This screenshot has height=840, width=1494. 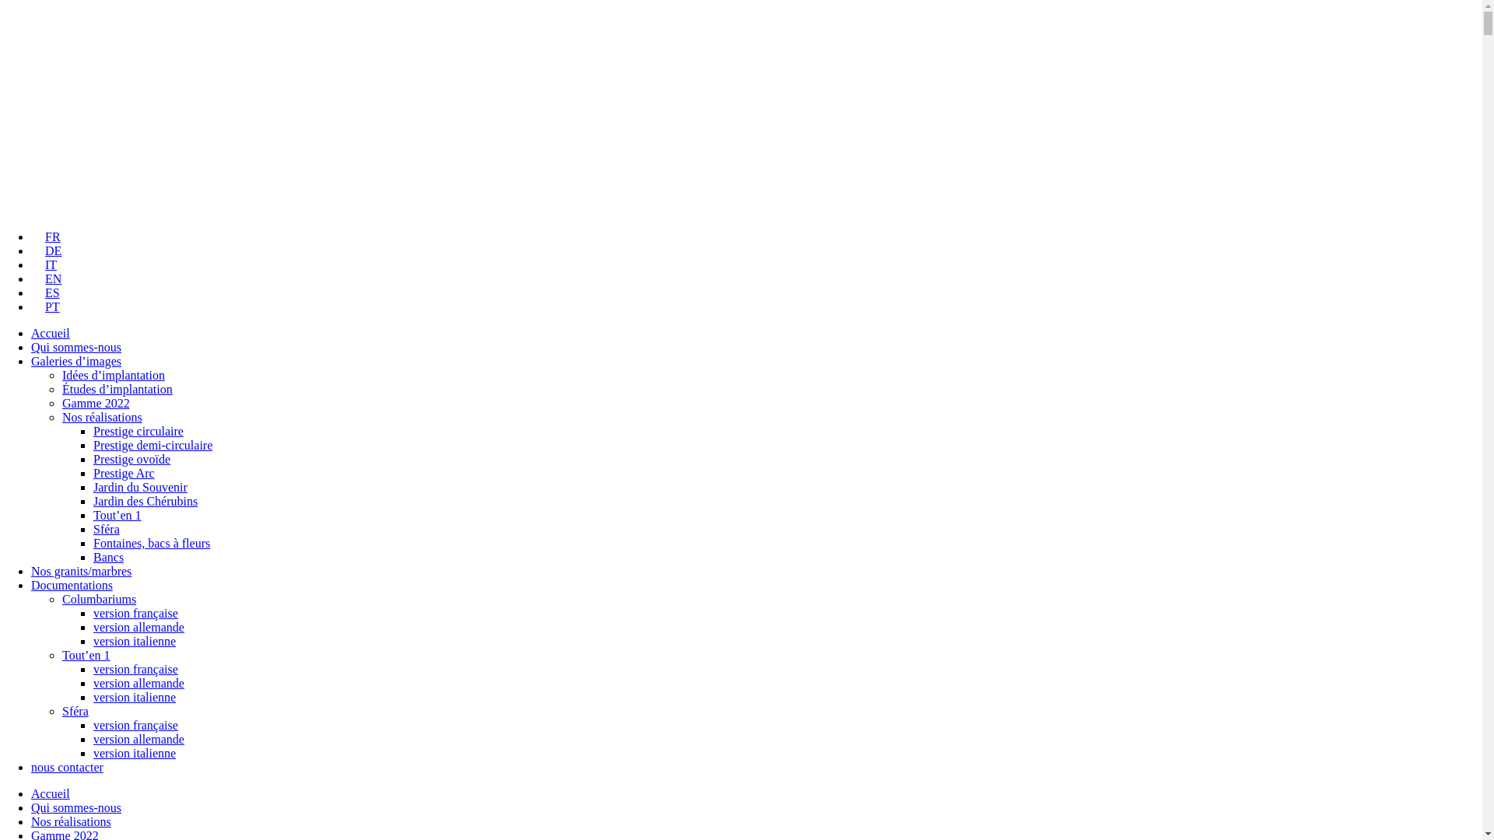 I want to click on 'ES', so click(x=45, y=292).